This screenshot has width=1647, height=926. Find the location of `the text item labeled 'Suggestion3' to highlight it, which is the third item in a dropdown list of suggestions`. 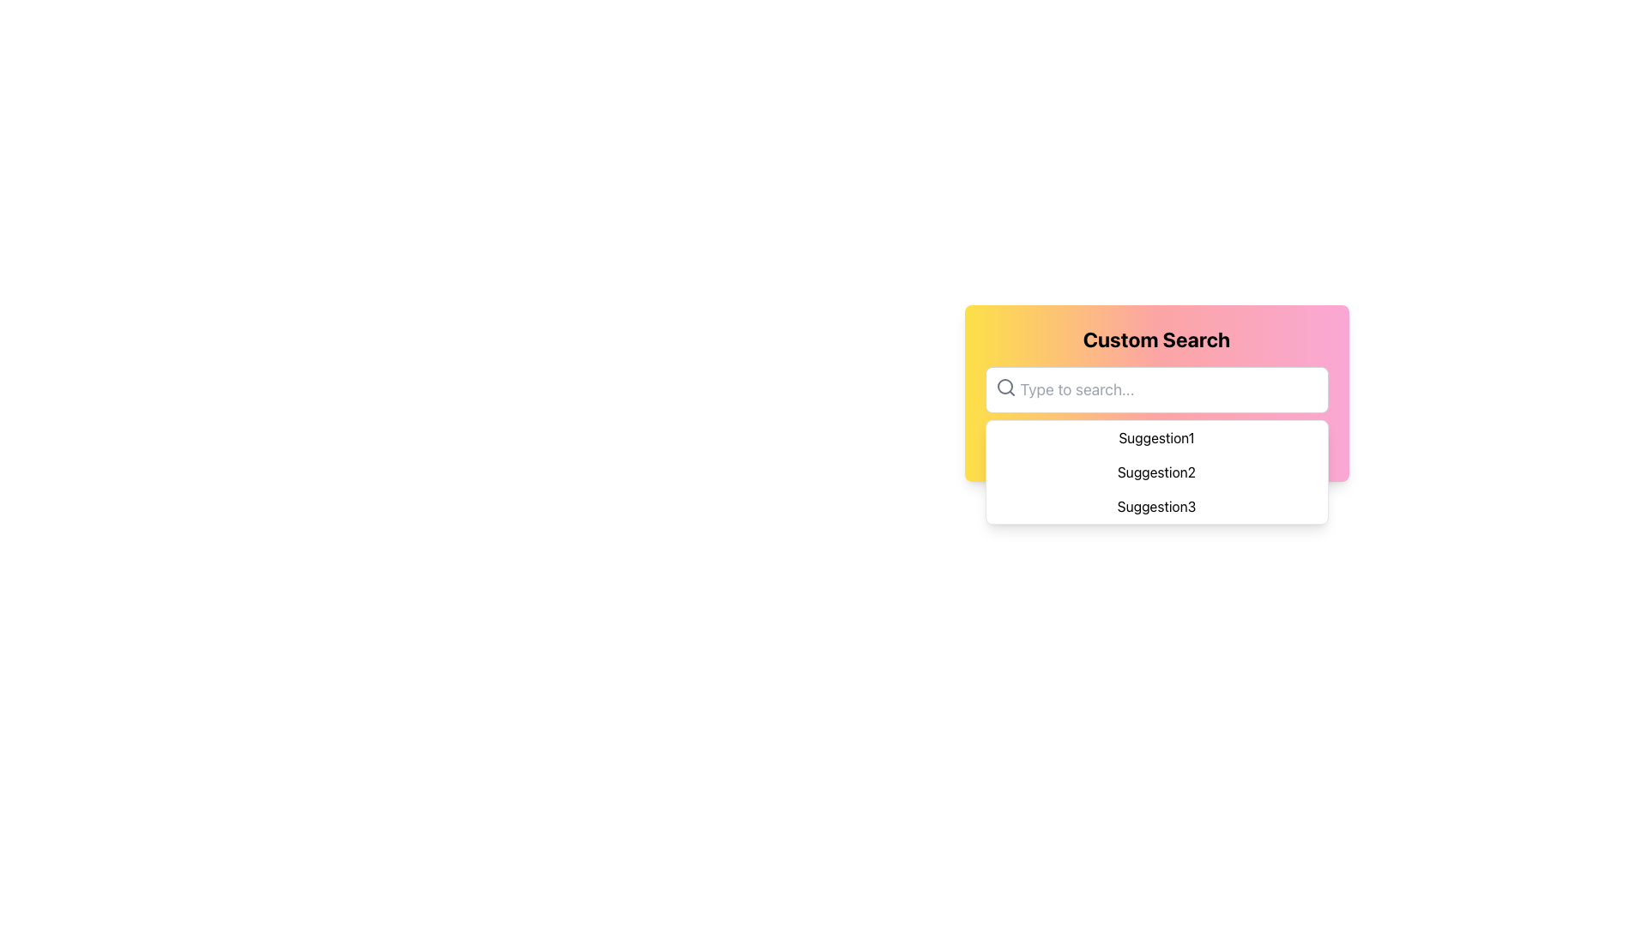

the text item labeled 'Suggestion3' to highlight it, which is the third item in a dropdown list of suggestions is located at coordinates (1156, 505).